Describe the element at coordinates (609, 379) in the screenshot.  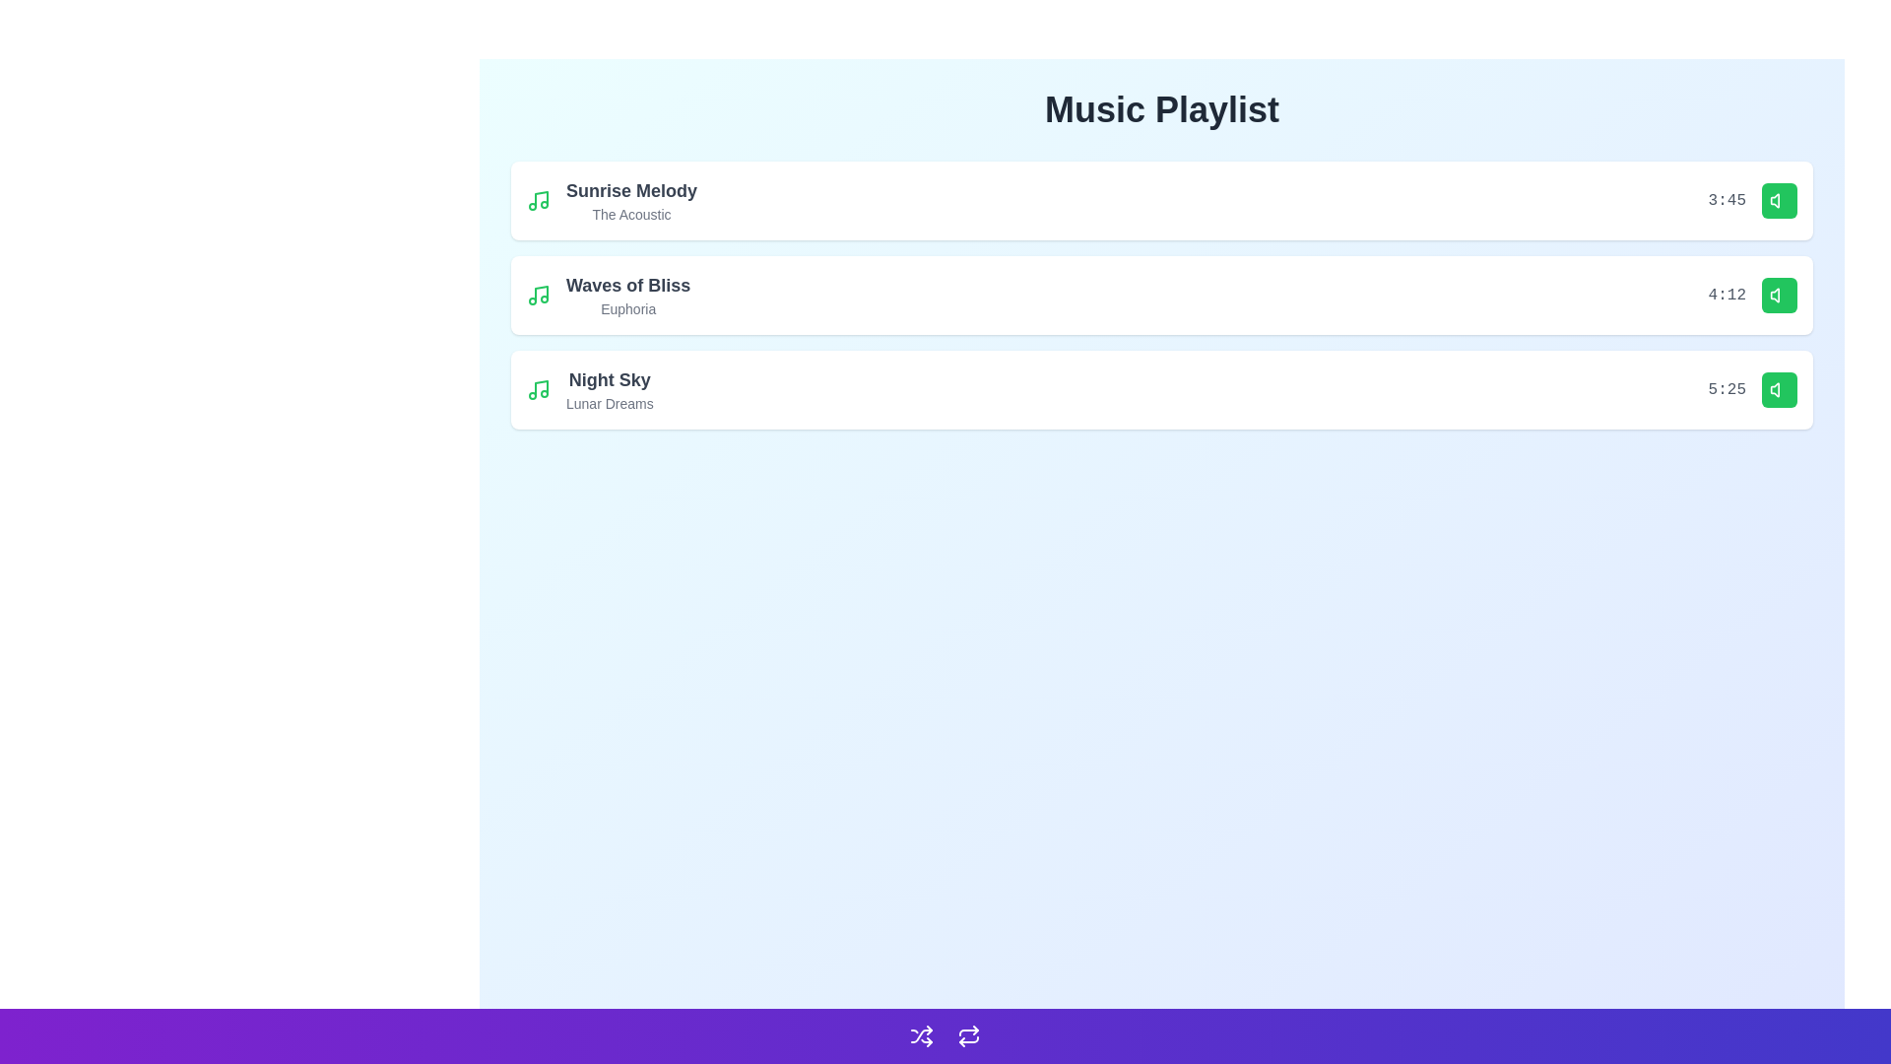
I see `the text element displaying 'Night Sky'` at that location.